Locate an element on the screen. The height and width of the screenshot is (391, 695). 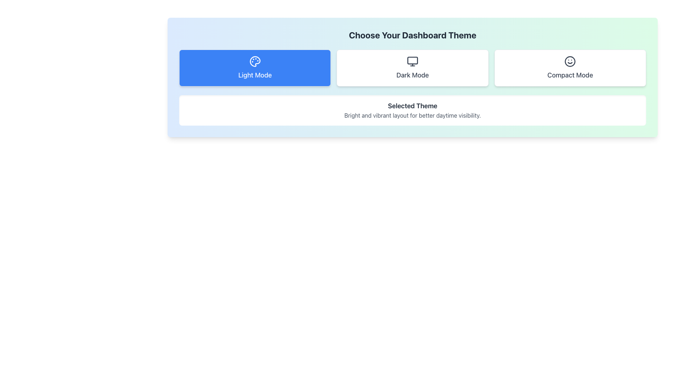
the SVG circle element that forms the outermost circular boundary of the smiley face icon located in the upper right section of the 'Compact Mode' selection option is located at coordinates (570, 61).